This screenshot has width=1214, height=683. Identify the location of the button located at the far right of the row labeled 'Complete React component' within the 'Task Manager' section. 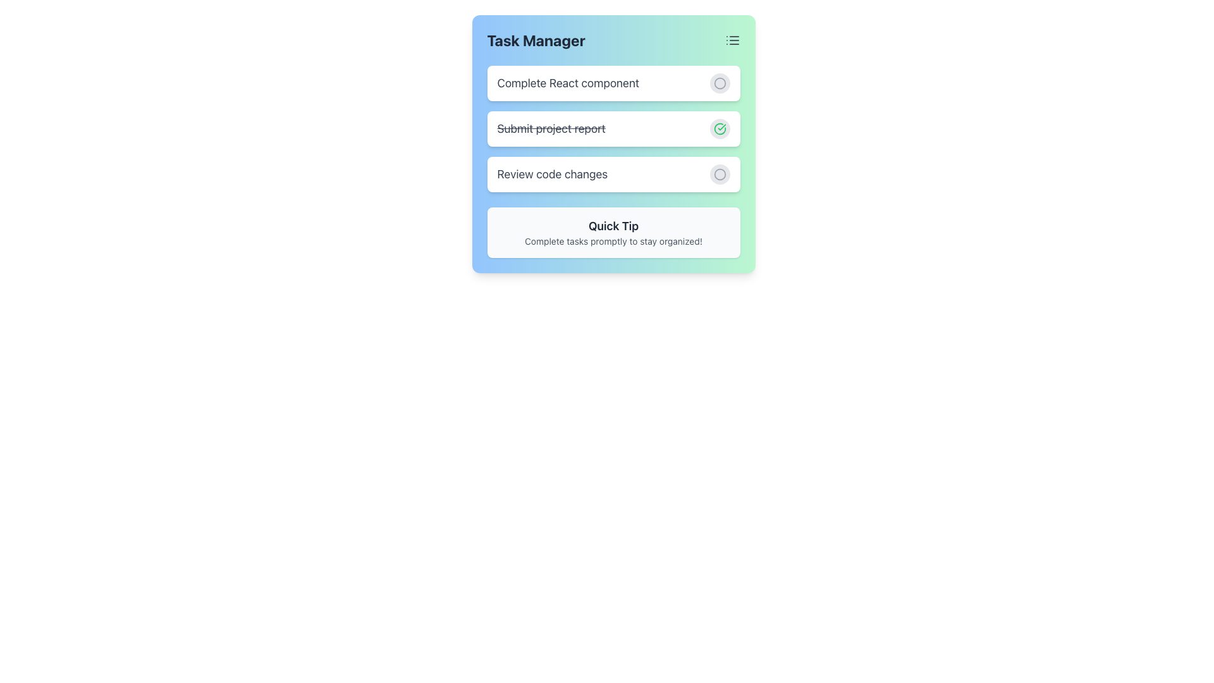
(720, 83).